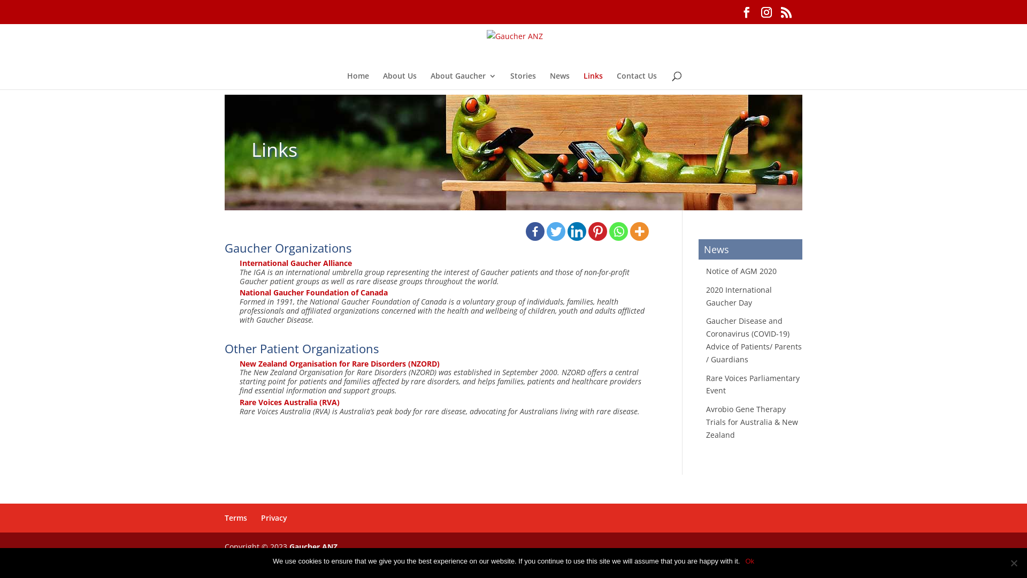 This screenshot has height=578, width=1027. I want to click on 'Facebook', so click(535, 231).